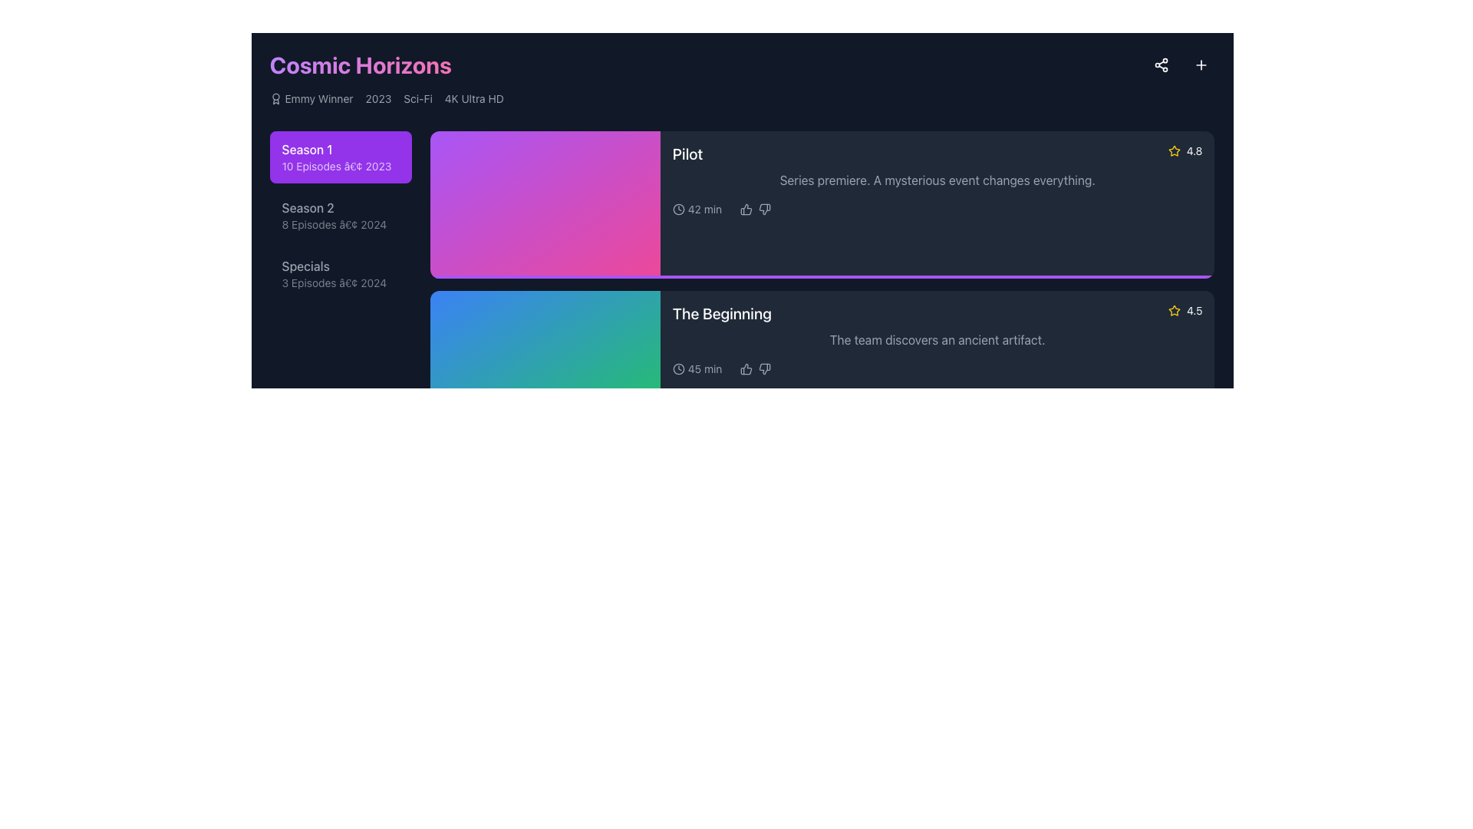  I want to click on the thumbs-up icon to express positive feedback for the episode 'The Beginning.', so click(746, 369).